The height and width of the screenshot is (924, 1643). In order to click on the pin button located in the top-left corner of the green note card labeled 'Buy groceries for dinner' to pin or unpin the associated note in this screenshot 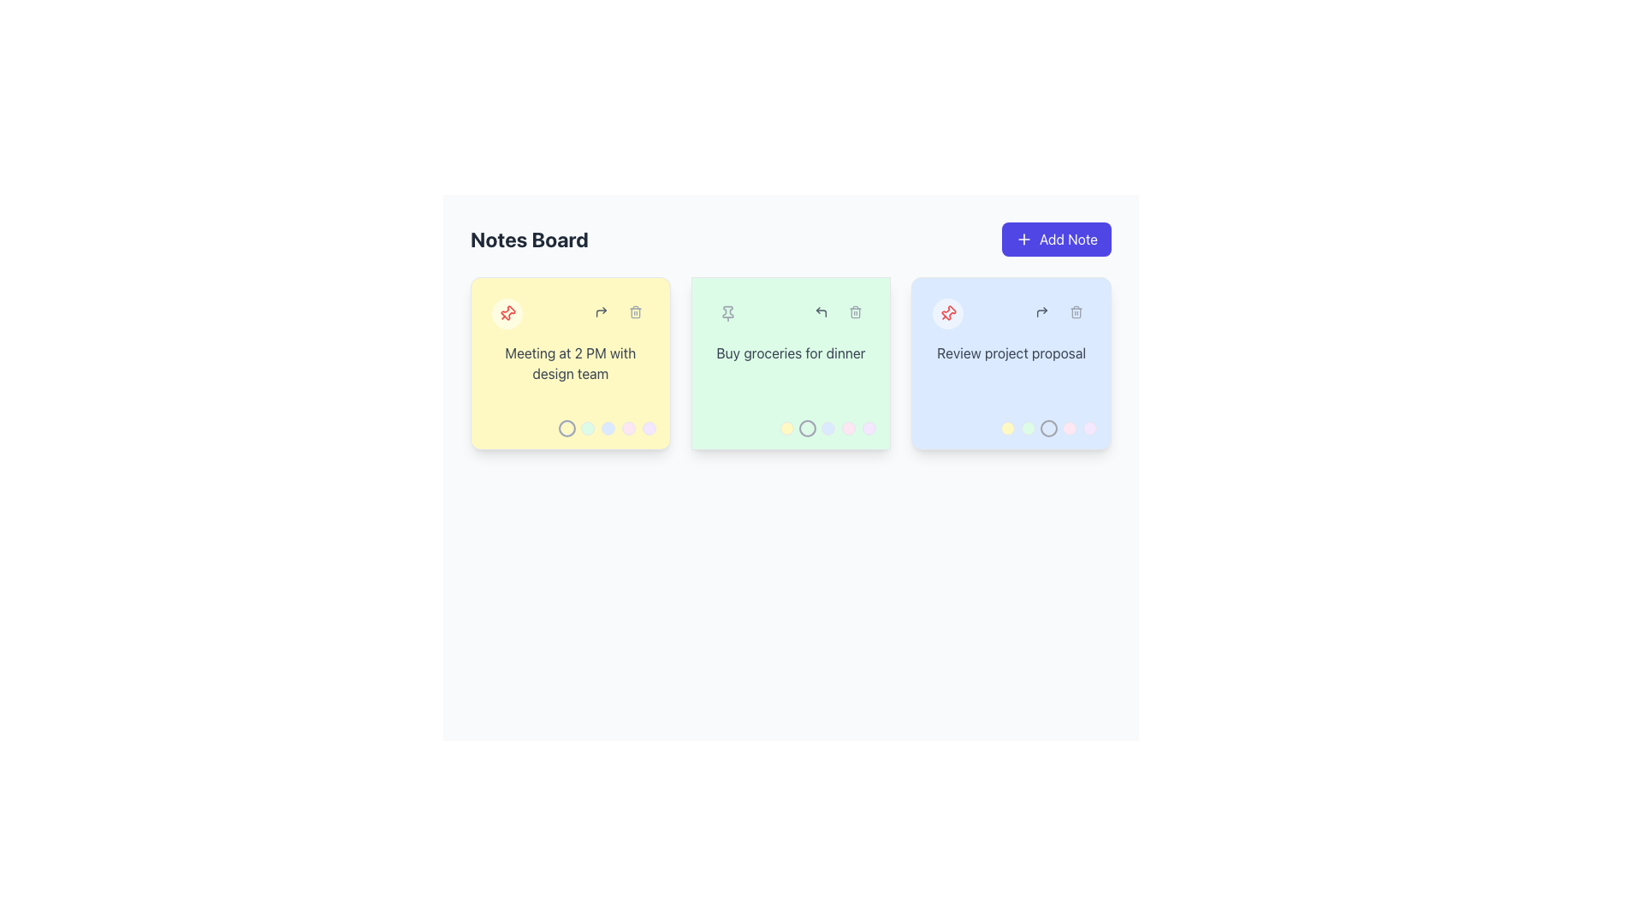, I will do `click(727, 313)`.